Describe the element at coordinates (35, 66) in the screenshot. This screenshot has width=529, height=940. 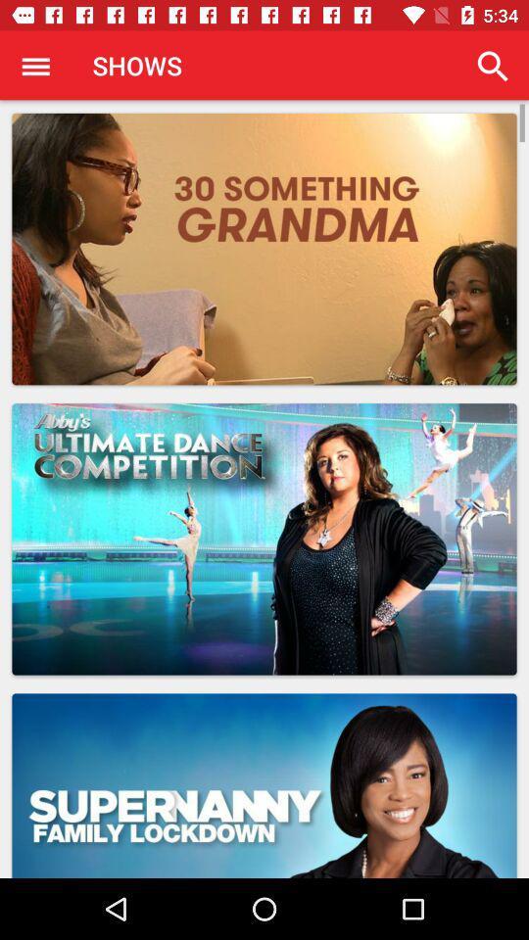
I see `app next to the shows icon` at that location.